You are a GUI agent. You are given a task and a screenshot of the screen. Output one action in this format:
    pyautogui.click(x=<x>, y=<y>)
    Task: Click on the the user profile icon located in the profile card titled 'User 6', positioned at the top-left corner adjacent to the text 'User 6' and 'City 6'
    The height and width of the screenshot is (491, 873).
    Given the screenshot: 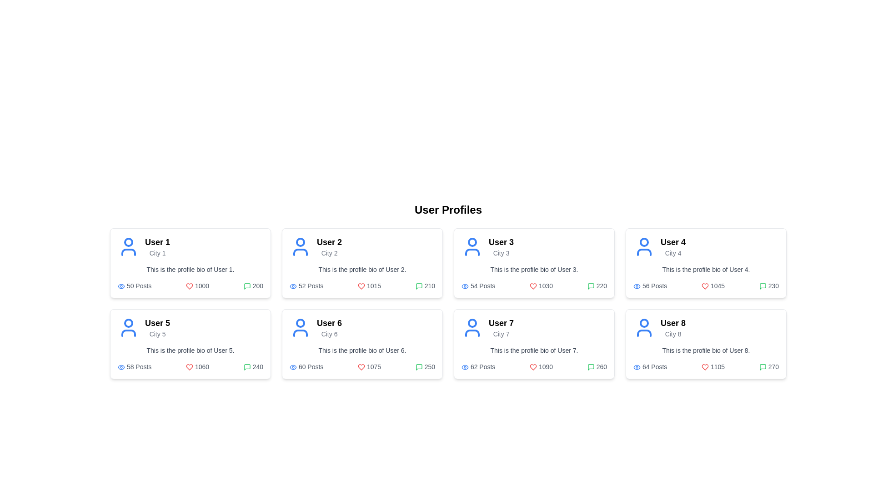 What is the action you would take?
    pyautogui.click(x=301, y=328)
    